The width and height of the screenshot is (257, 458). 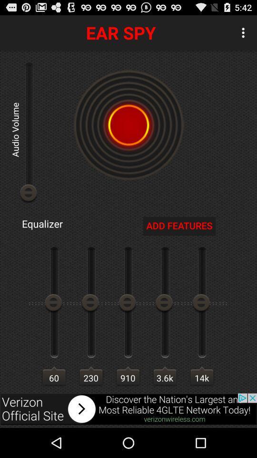 What do you see at coordinates (128, 125) in the screenshot?
I see `option` at bounding box center [128, 125].